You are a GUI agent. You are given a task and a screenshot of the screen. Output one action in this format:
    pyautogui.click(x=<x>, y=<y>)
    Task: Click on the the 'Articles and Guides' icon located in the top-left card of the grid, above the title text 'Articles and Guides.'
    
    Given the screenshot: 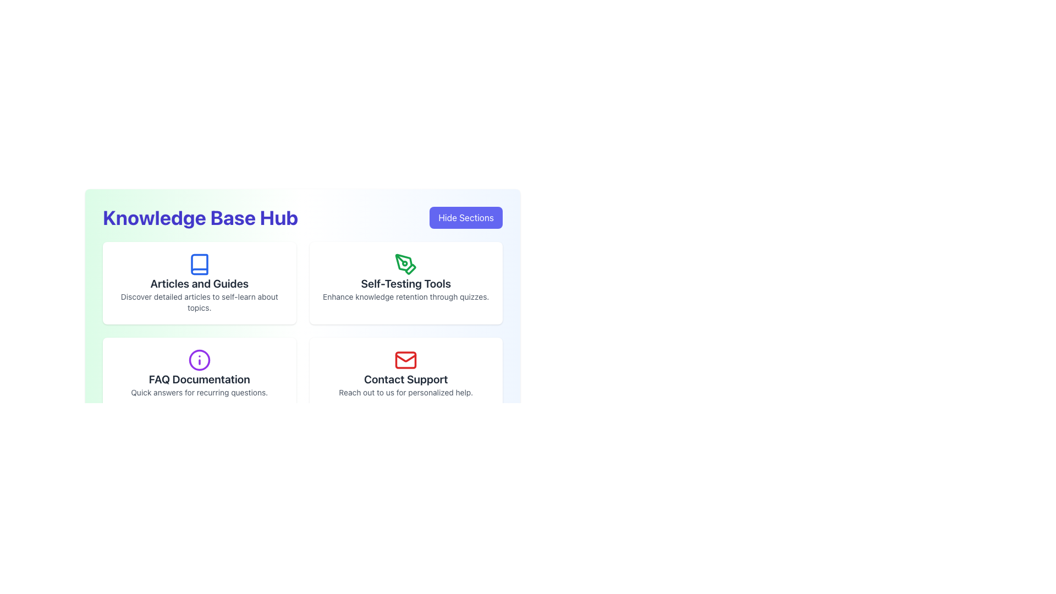 What is the action you would take?
    pyautogui.click(x=199, y=265)
    